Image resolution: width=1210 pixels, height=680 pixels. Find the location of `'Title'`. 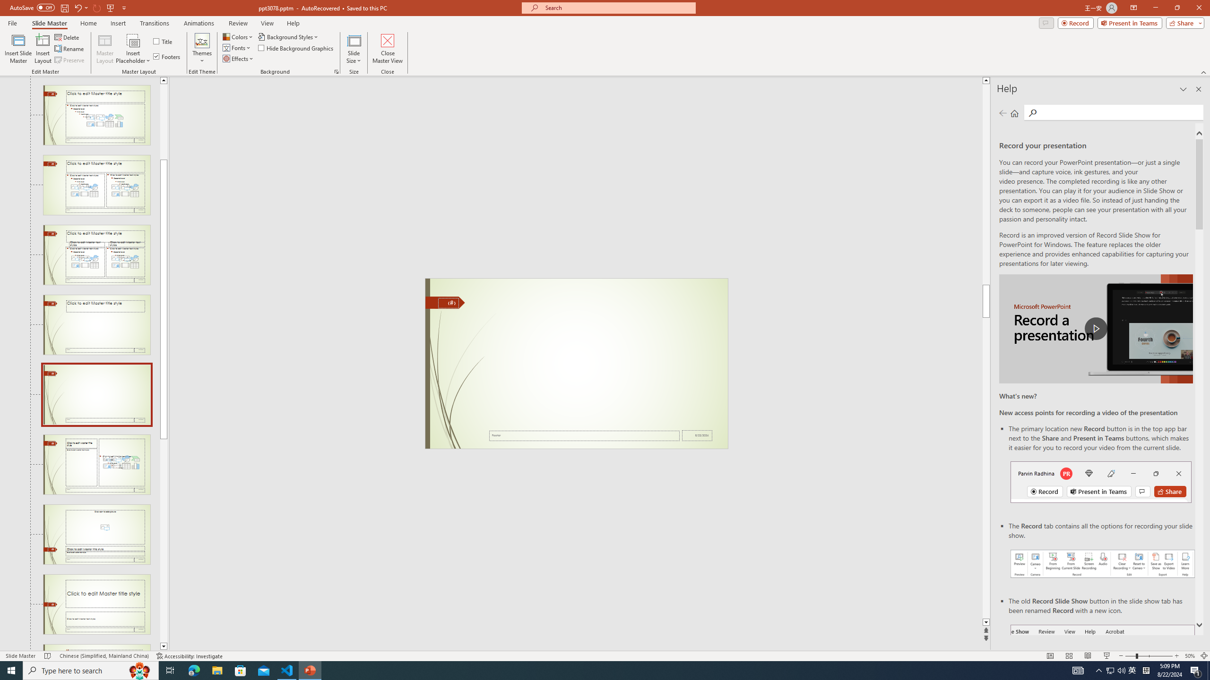

'Title' is located at coordinates (163, 41).